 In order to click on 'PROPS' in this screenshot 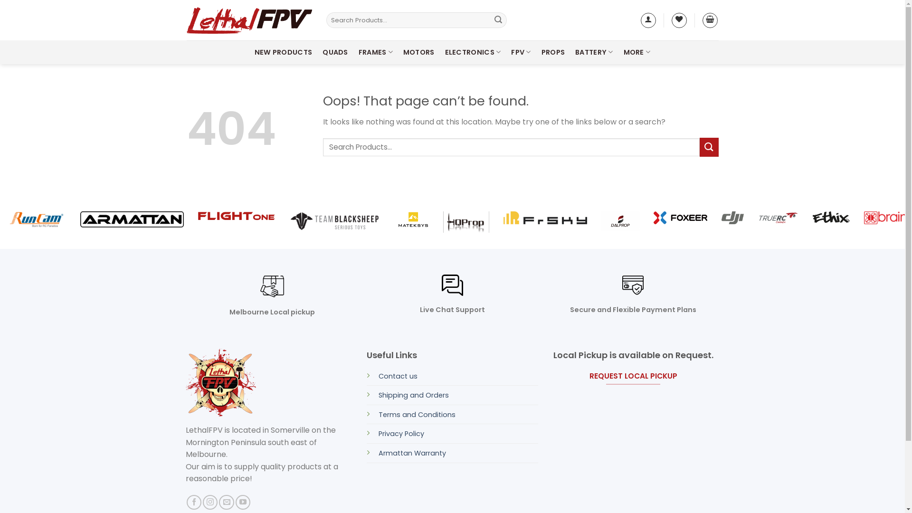, I will do `click(541, 52)`.